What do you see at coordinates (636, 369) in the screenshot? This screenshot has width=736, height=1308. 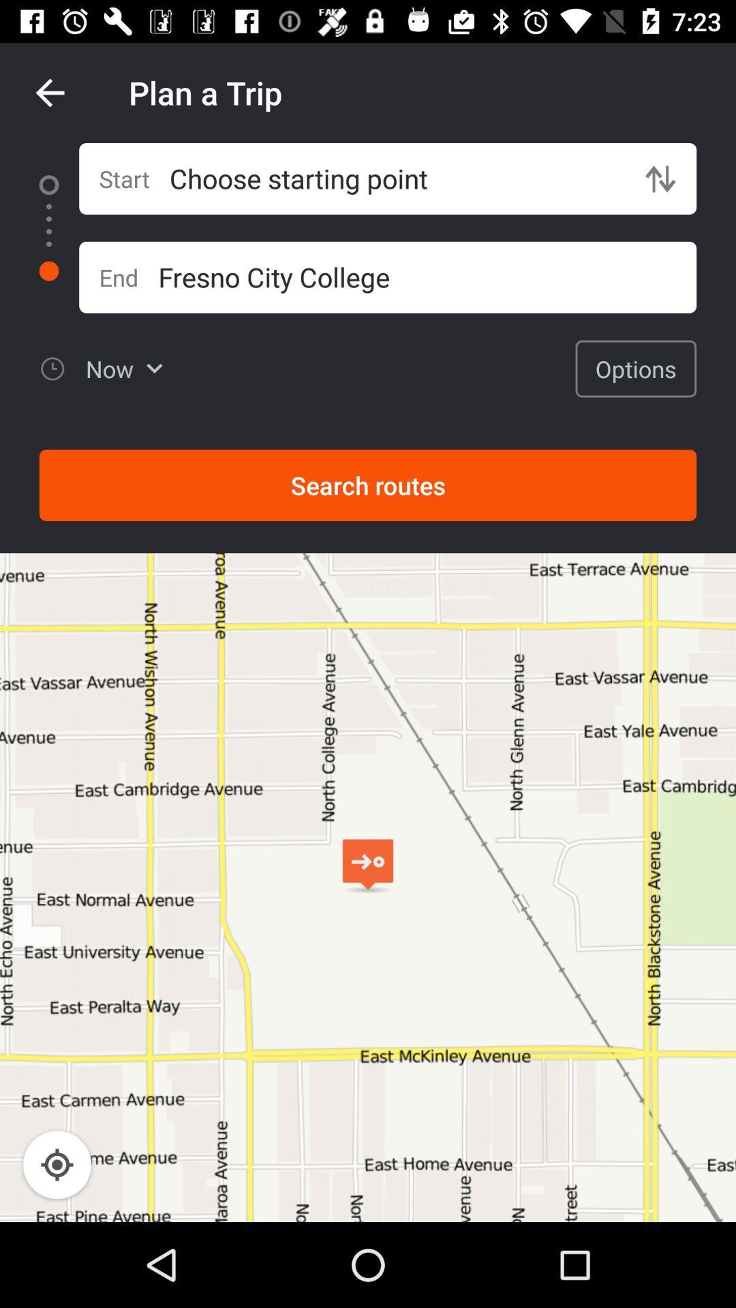 I see `item above the search routes item` at bounding box center [636, 369].